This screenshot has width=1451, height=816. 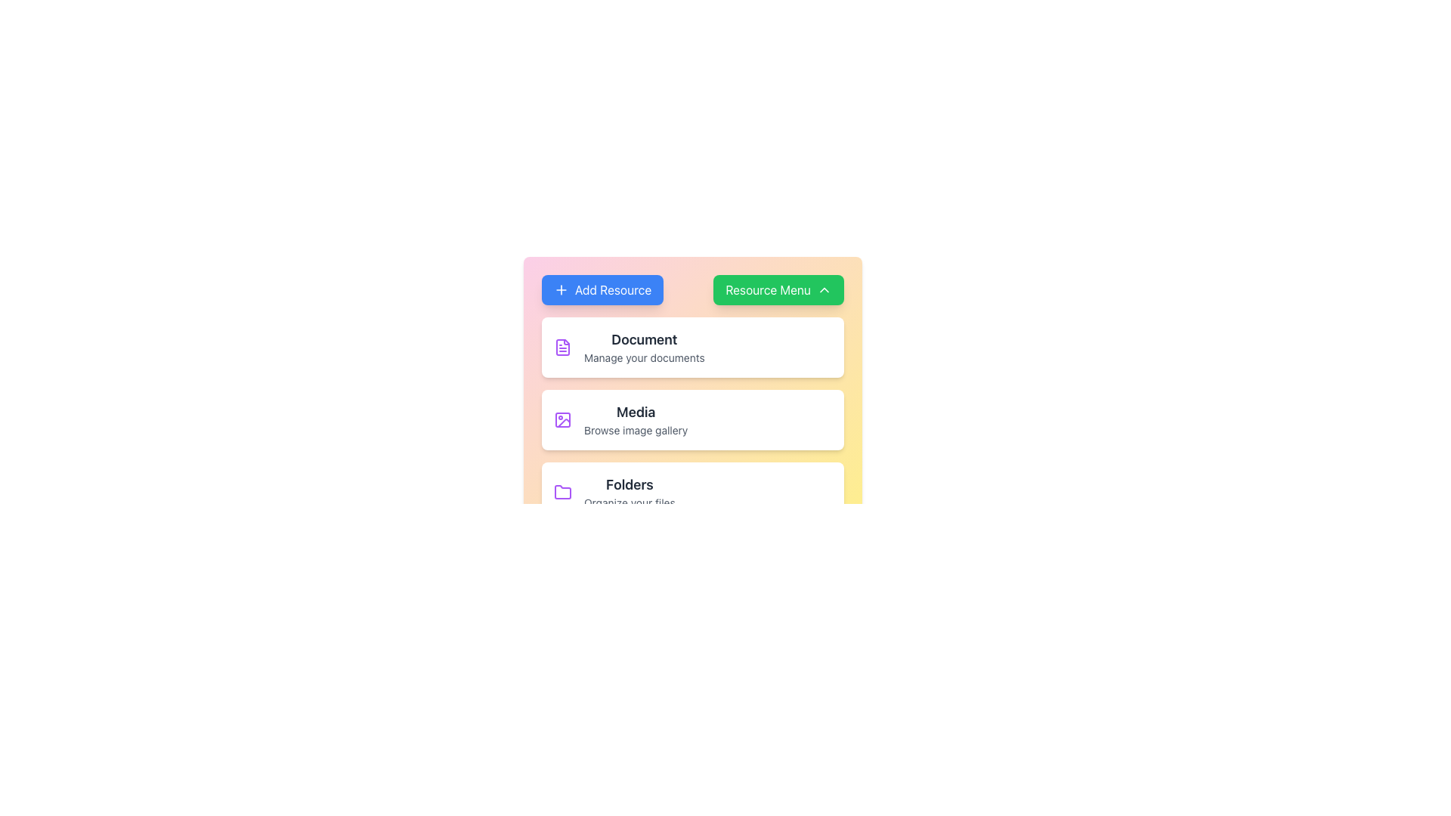 I want to click on the 'Document' Information Card located at the top of the vertical list of resource categories, so click(x=691, y=347).